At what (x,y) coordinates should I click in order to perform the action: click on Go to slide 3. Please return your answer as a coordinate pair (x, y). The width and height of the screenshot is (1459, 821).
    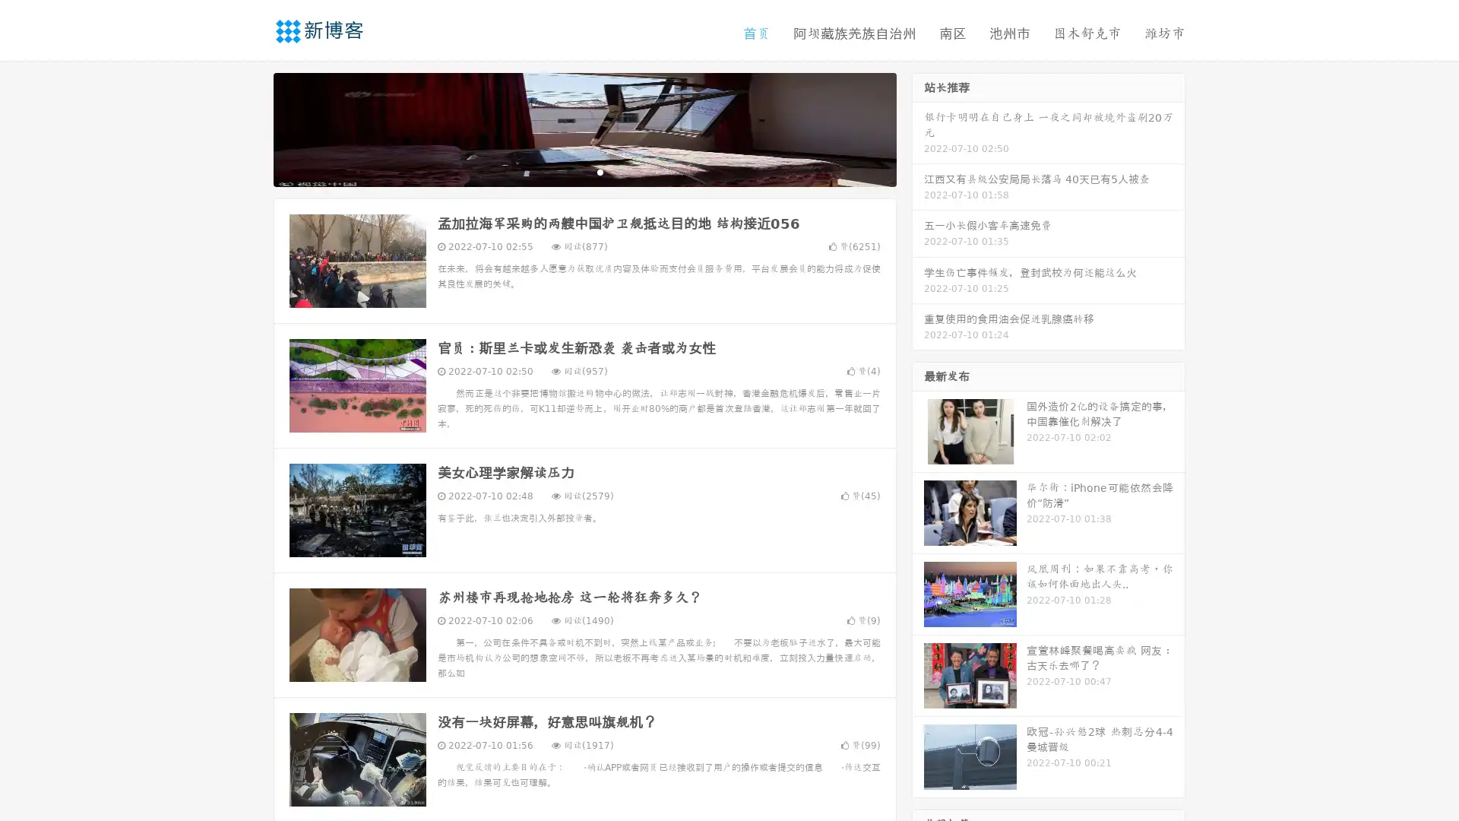
    Looking at the image, I should click on (600, 171).